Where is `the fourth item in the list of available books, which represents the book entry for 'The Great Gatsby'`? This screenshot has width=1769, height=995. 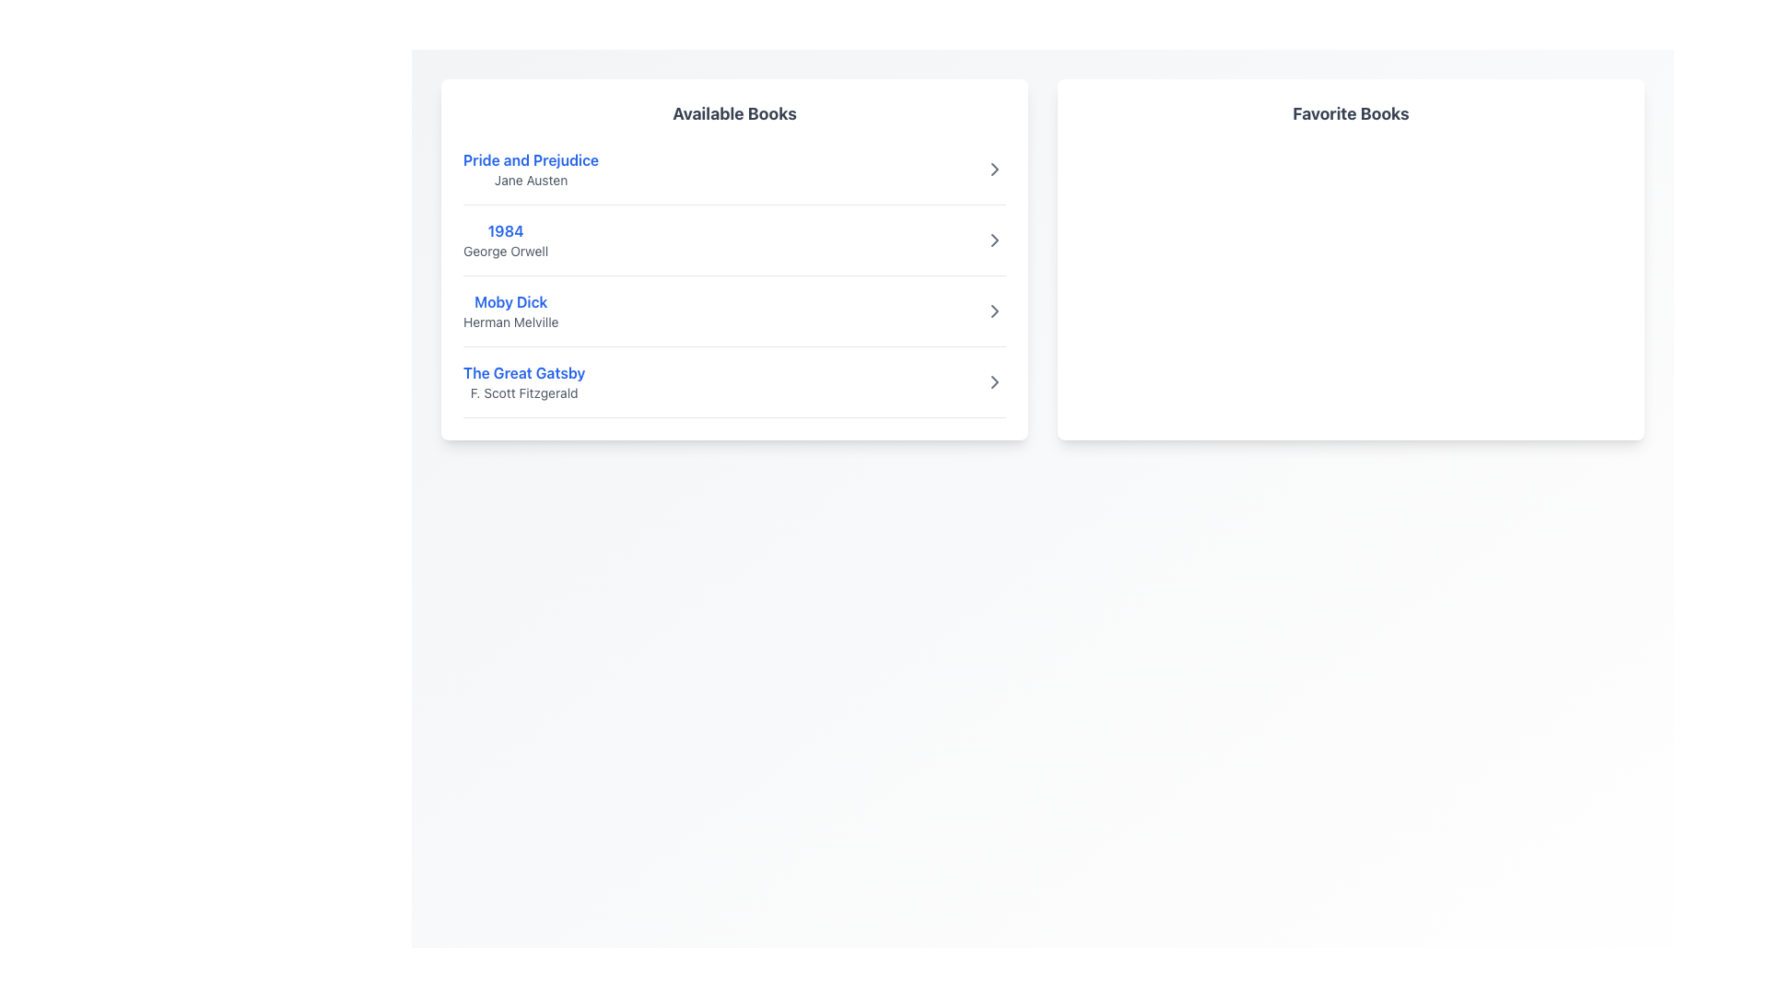
the fourth item in the list of available books, which represents the book entry for 'The Great Gatsby' is located at coordinates (733, 389).